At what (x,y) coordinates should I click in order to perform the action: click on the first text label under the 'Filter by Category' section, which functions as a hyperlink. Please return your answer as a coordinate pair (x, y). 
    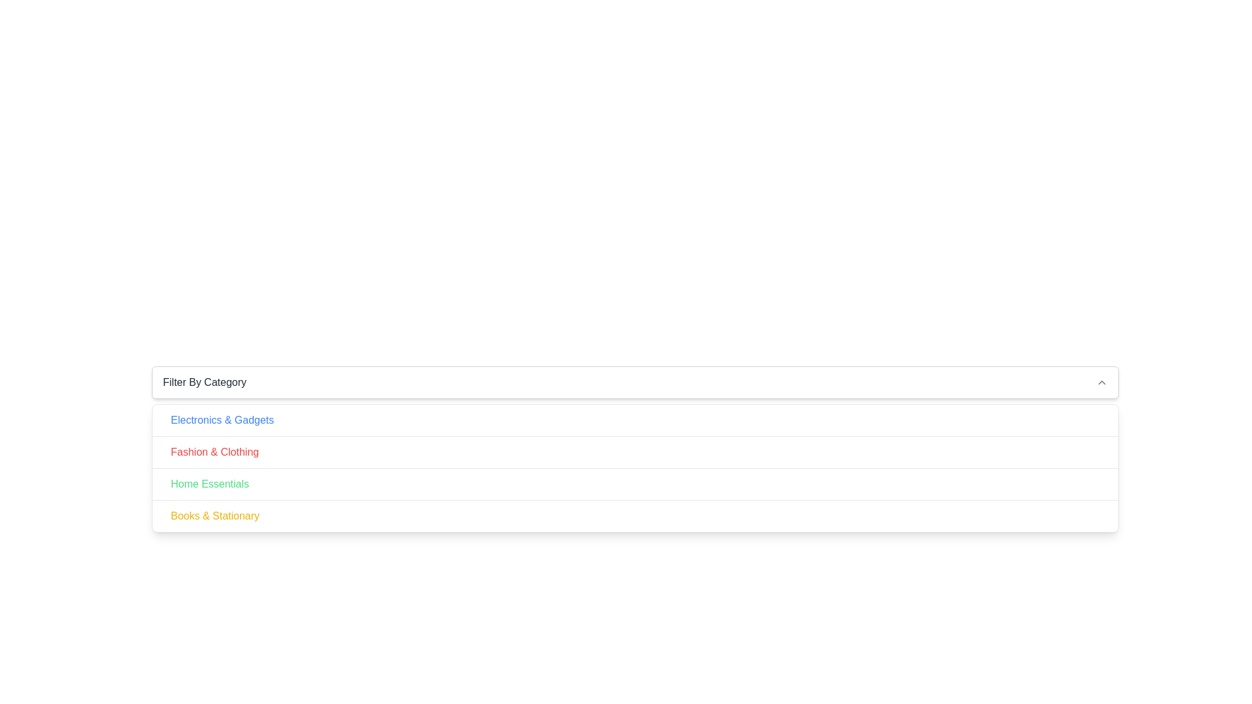
    Looking at the image, I should click on (222, 420).